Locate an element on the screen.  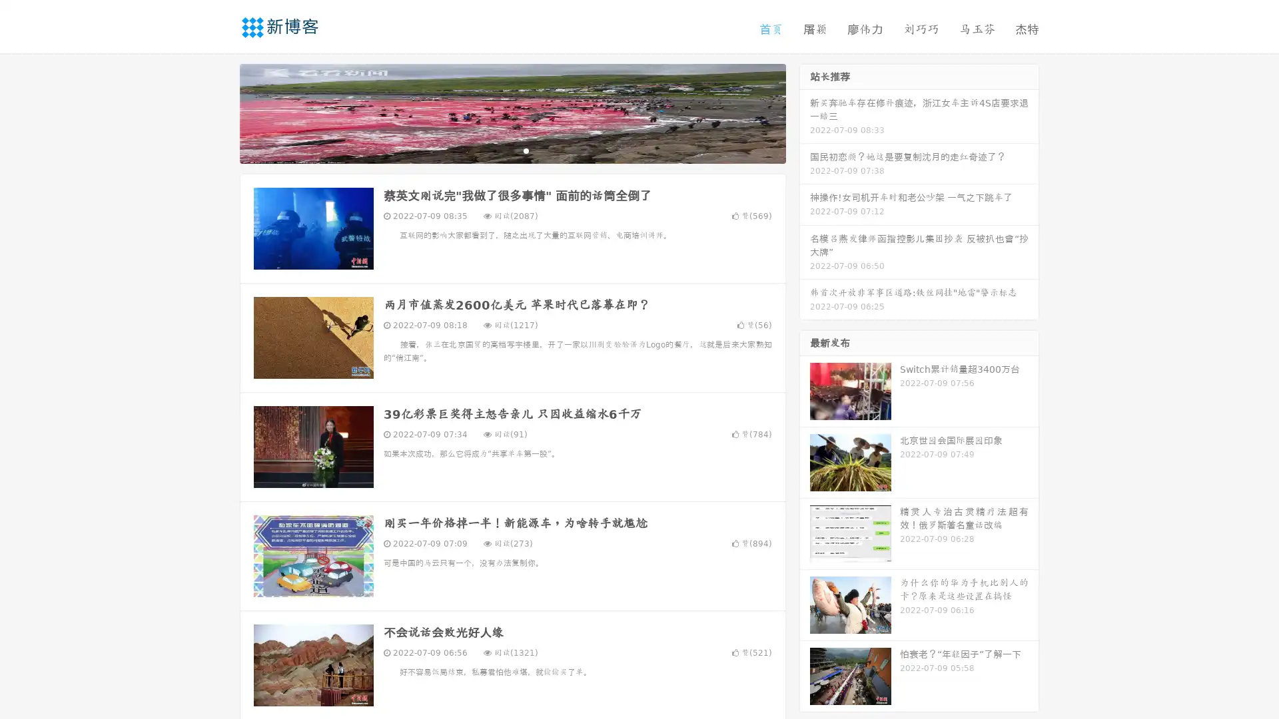
Next slide is located at coordinates (805, 112).